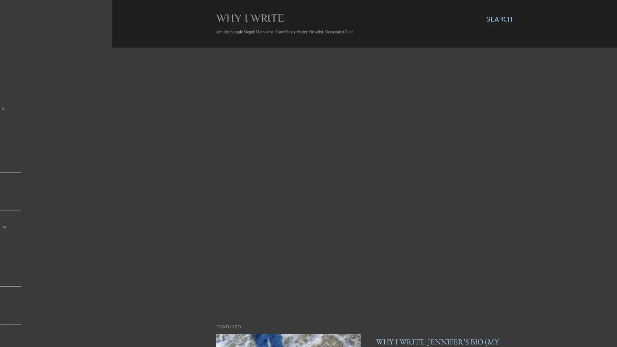  I want to click on Search, so click(499, 19).